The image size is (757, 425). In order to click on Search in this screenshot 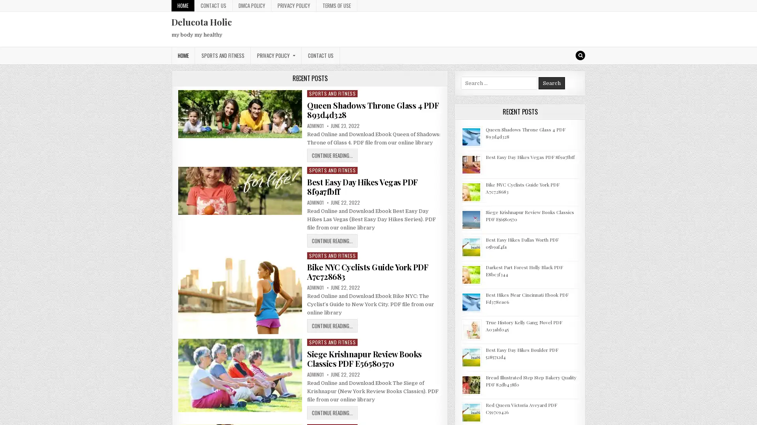, I will do `click(551, 83)`.